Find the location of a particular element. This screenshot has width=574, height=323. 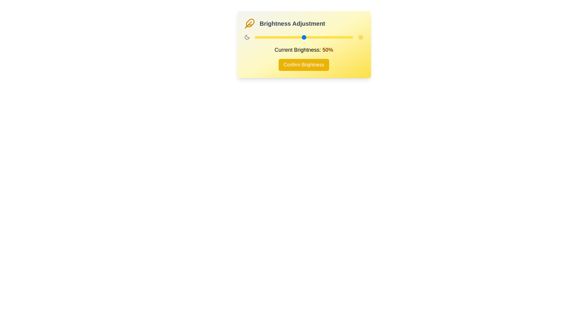

the brightness to 72% by dragging the slider is located at coordinates (325, 37).